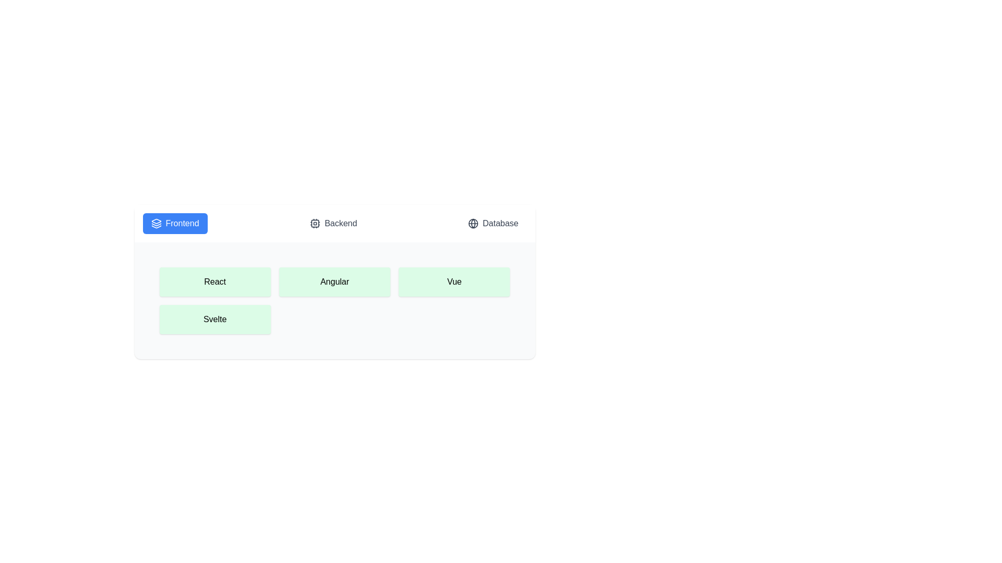 This screenshot has height=563, width=1002. What do you see at coordinates (214, 319) in the screenshot?
I see `the framework Svelte to interact with it` at bounding box center [214, 319].